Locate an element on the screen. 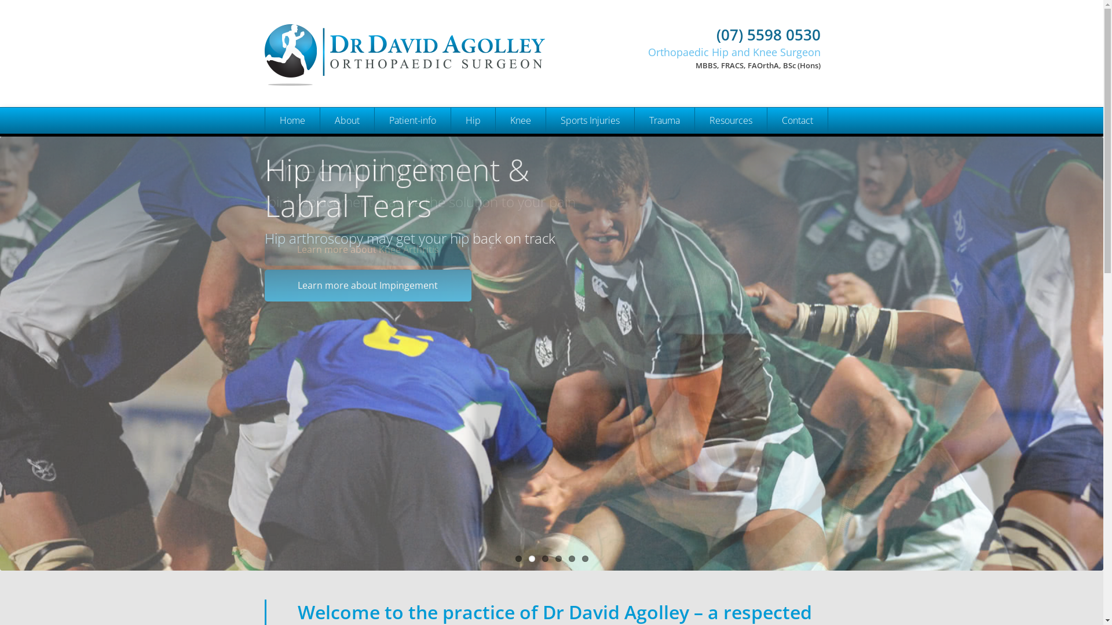 The width and height of the screenshot is (1112, 625). 'Visiting from Interstate or Overseas' is located at coordinates (412, 277).